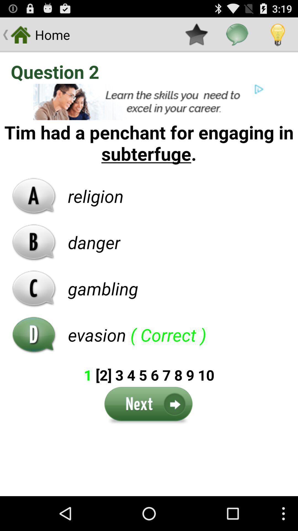 Image resolution: width=298 pixels, height=531 pixels. What do you see at coordinates (149, 102) in the screenshot?
I see `click for advertisement` at bounding box center [149, 102].